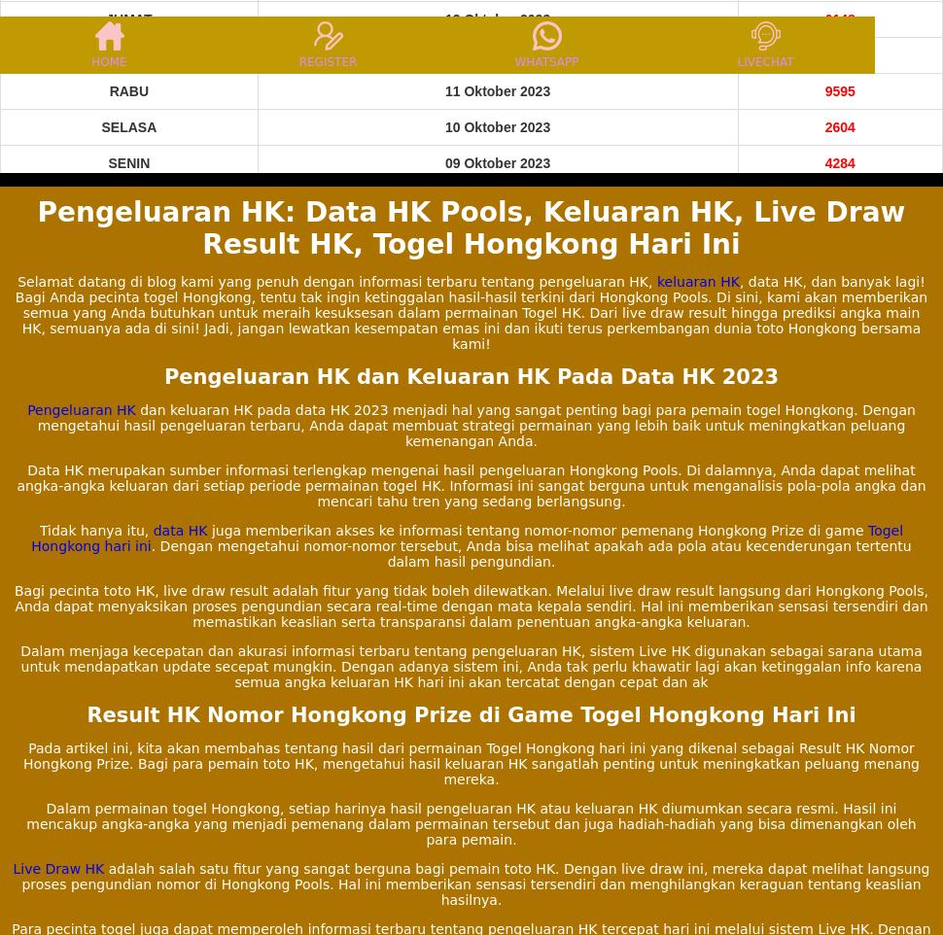  Describe the element at coordinates (470, 761) in the screenshot. I see `'Pada artikel ini, kita akan membahas tentang hasil dari permainan Togel Hongkong hari ini yang dikenal sebagai Result HK Nomor Hongkong Prize. Bagi para pemain toto HK, mengetahui hasil keluaran HK sangatlah penting untuk meningkatkan peluang menang mereka.'` at that location.